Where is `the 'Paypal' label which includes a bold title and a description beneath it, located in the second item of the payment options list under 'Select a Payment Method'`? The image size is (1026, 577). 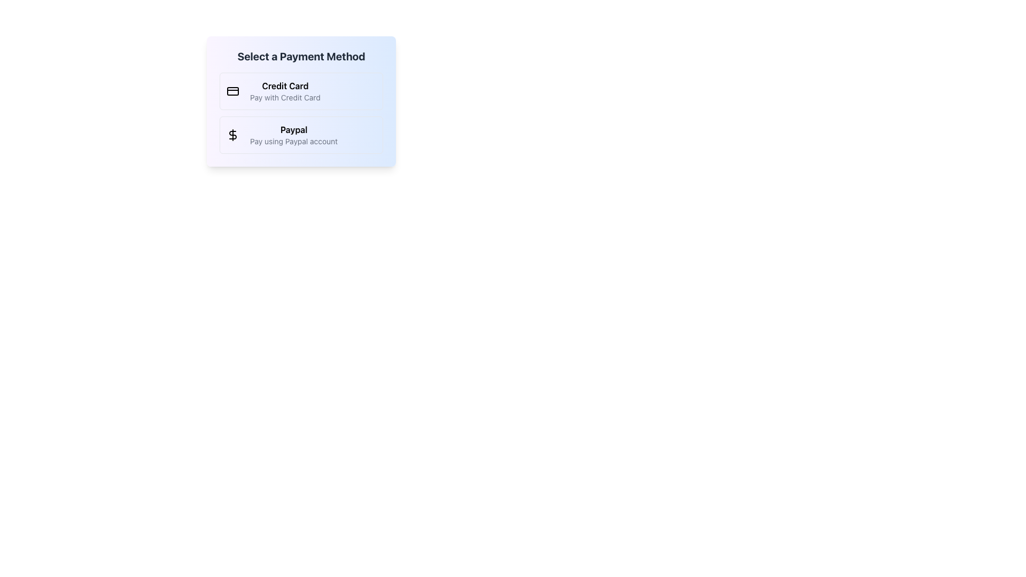
the 'Paypal' label which includes a bold title and a description beneath it, located in the second item of the payment options list under 'Select a Payment Method' is located at coordinates (294, 135).